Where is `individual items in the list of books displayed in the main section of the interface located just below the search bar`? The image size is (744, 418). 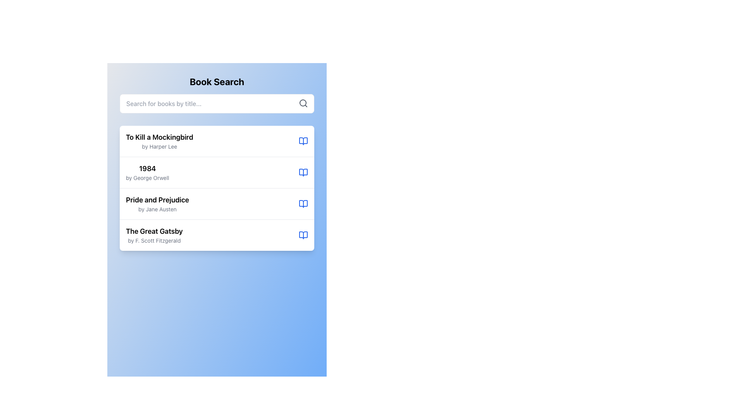
individual items in the list of books displayed in the main section of the interface located just below the search bar is located at coordinates (217, 188).